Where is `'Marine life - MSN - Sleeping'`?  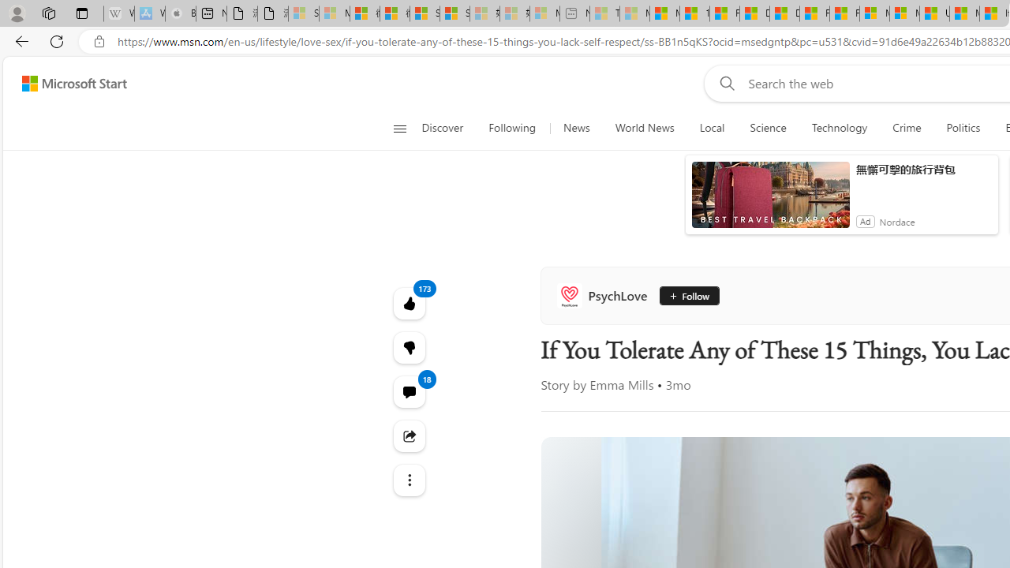
'Marine life - MSN - Sleeping' is located at coordinates (634, 13).